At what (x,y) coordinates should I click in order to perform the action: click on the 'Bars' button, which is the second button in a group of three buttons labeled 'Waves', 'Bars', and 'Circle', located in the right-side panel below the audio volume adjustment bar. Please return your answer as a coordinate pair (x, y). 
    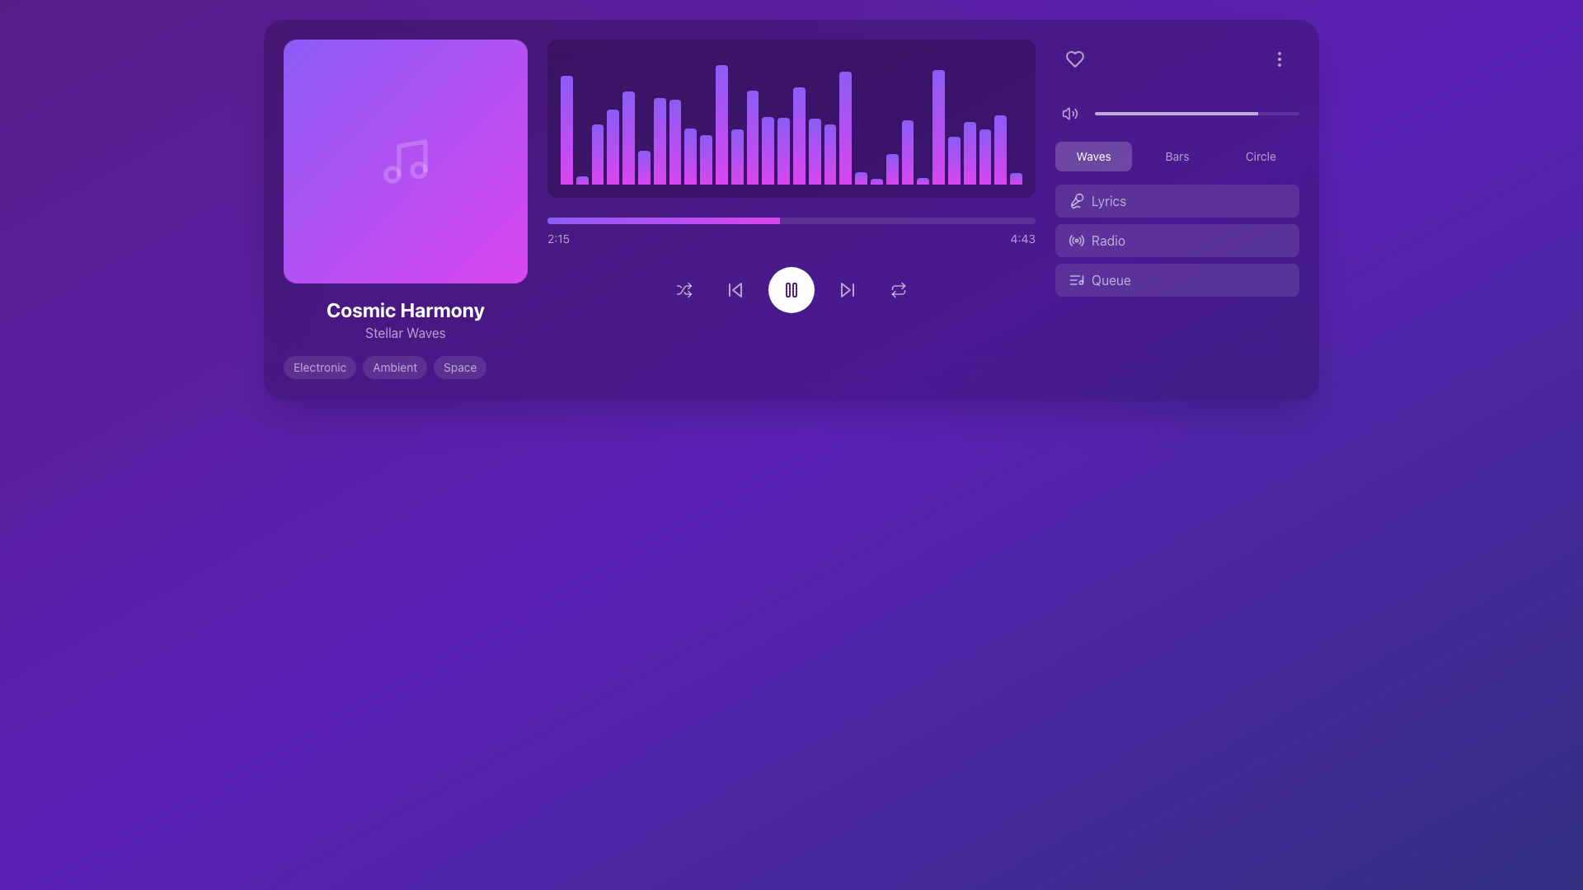
    Looking at the image, I should click on (1176, 156).